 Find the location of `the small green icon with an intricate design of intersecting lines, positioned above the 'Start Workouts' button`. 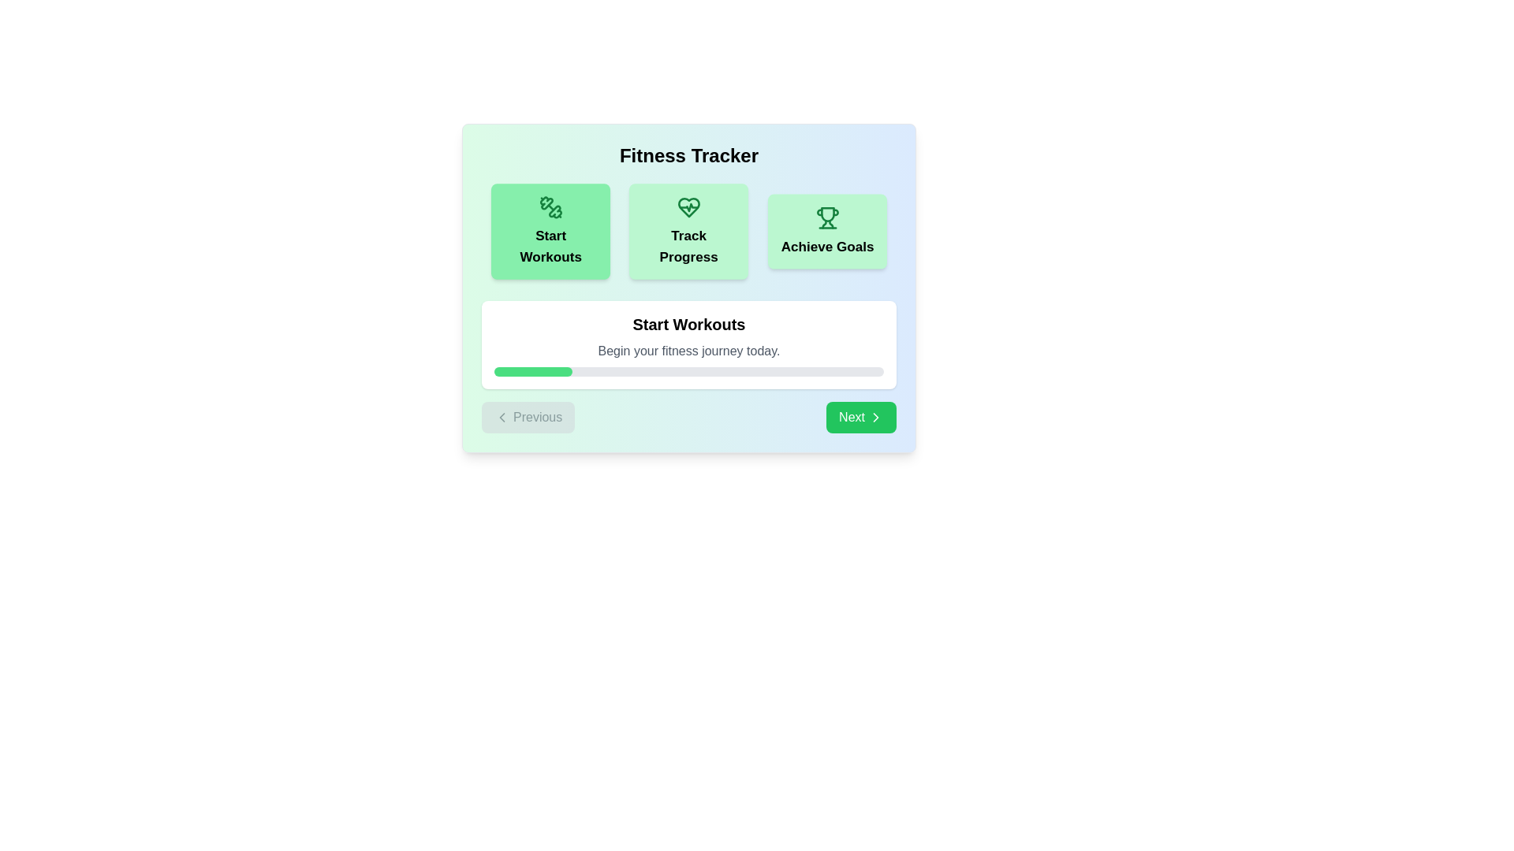

the small green icon with an intricate design of intersecting lines, positioned above the 'Start Workouts' button is located at coordinates (546, 203).